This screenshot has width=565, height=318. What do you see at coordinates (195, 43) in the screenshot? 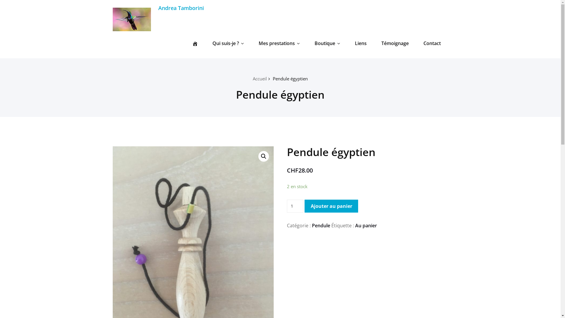
I see `'Home'` at bounding box center [195, 43].